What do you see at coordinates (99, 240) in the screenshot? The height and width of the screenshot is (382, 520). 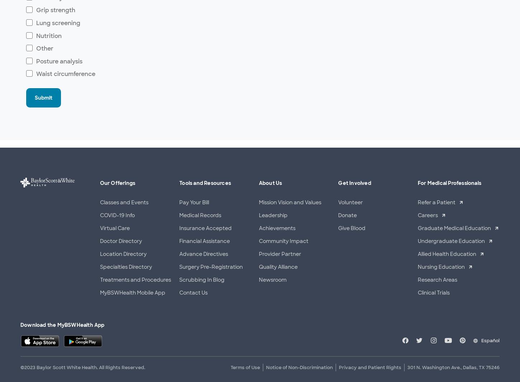 I see `'Doctor Directory'` at bounding box center [99, 240].